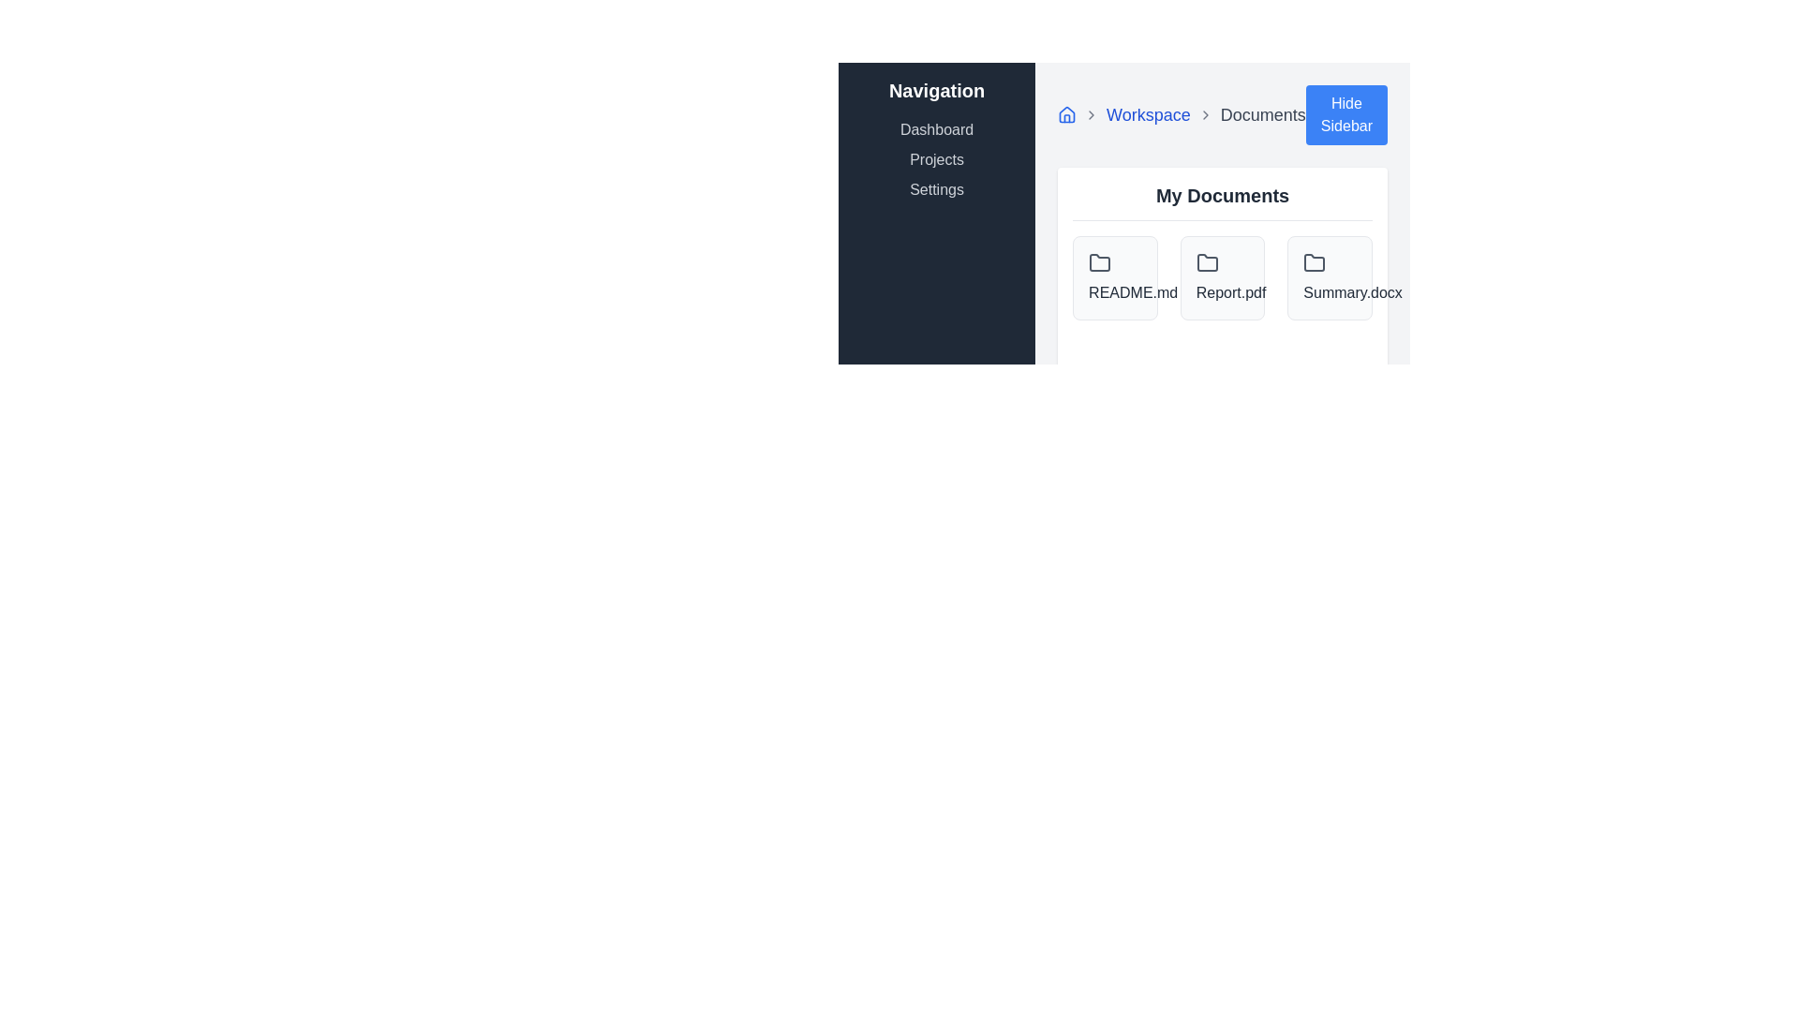 Image resolution: width=1799 pixels, height=1012 pixels. Describe the element at coordinates (1314, 263) in the screenshot. I see `the gray folder icon with a modern rounded outline located in the 'My Documents' section, positioned above the text 'Summary.docx'` at that location.